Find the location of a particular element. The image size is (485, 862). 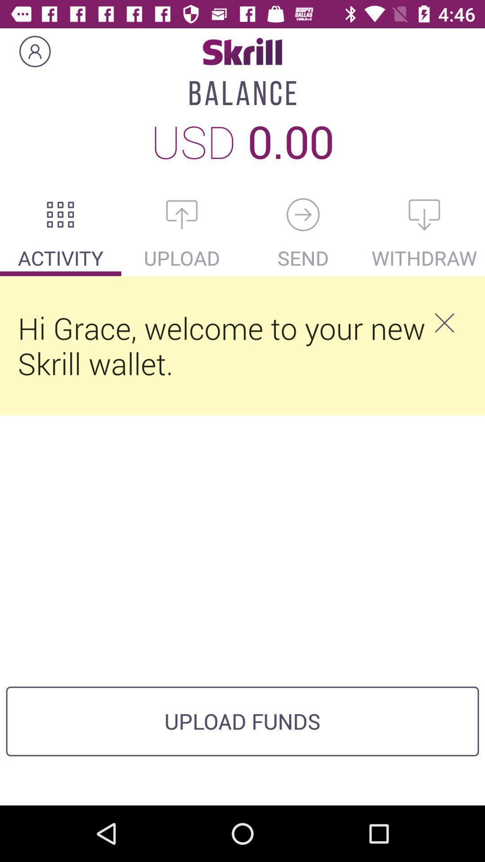

item above send item is located at coordinates (303, 214).